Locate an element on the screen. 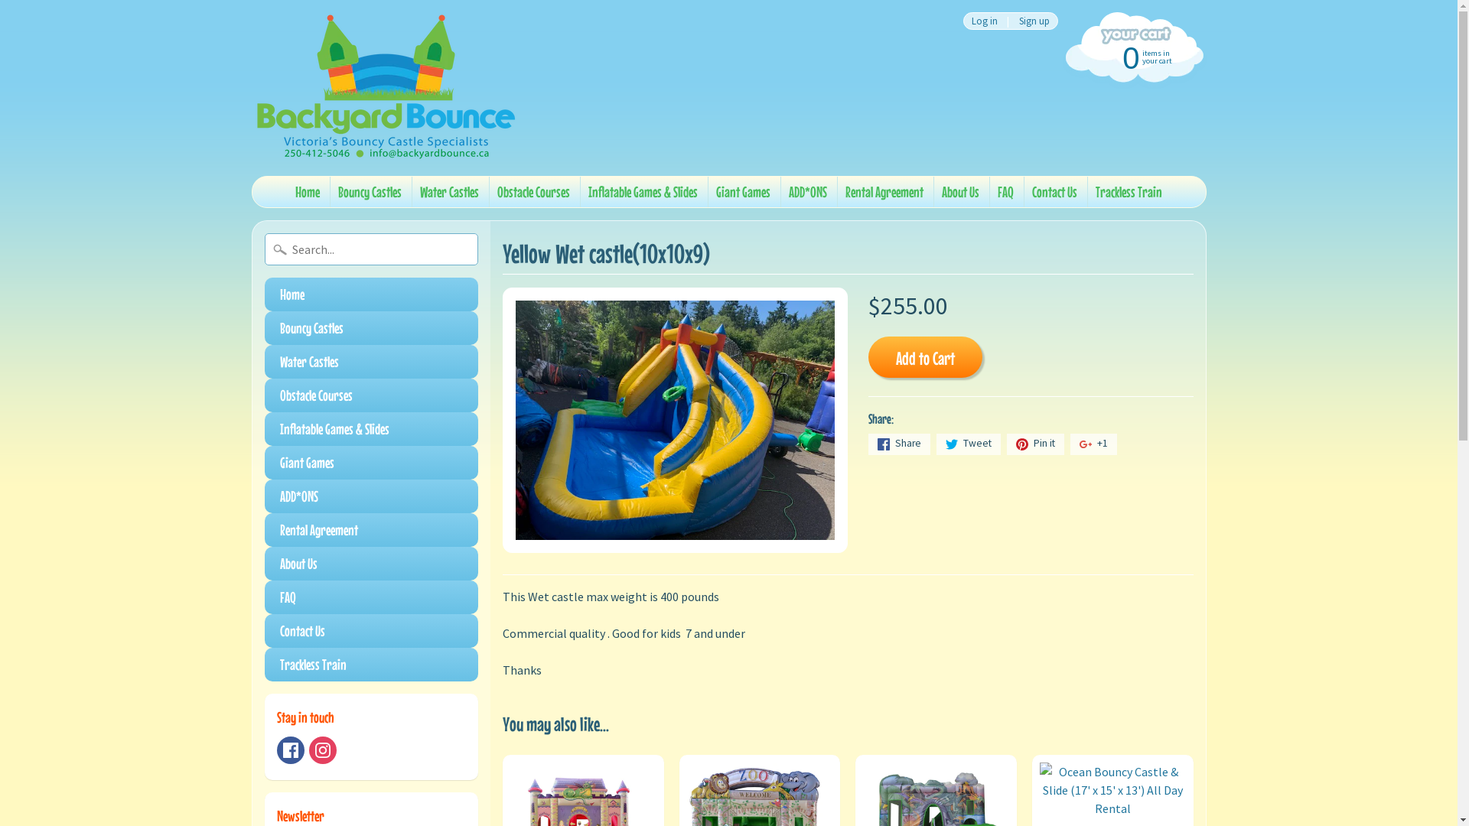 The image size is (1469, 826). 'Facebook' is located at coordinates (290, 749).